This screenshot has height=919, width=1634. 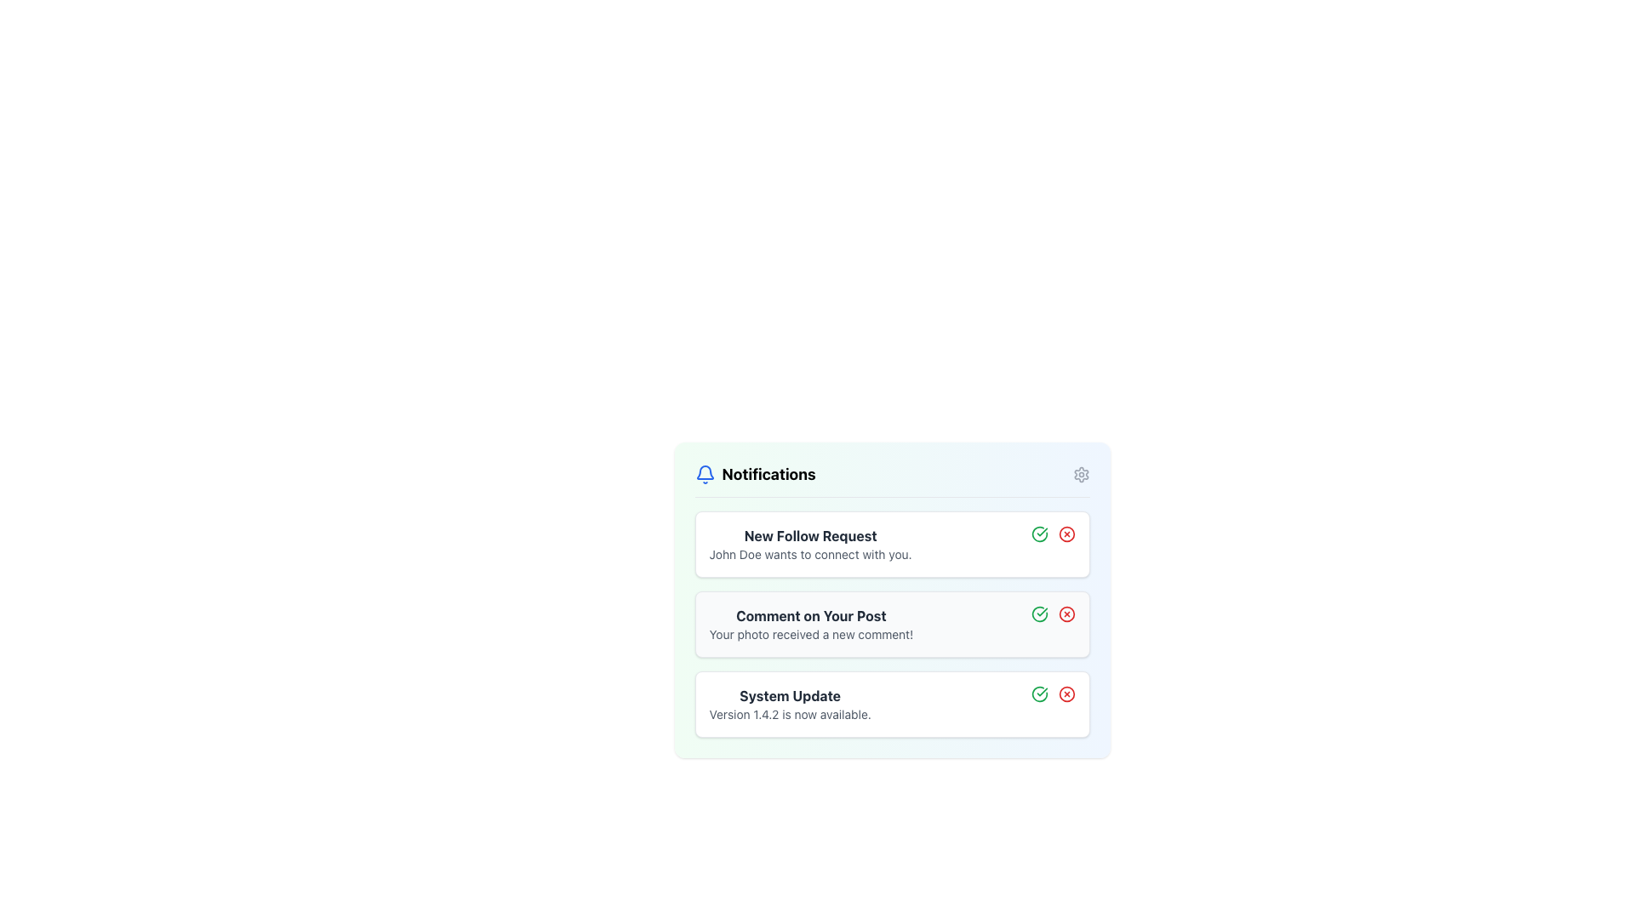 What do you see at coordinates (891, 705) in the screenshot?
I see `the third notification card in the Notifications list to acknowledge the new system update notification (Version 1.4.2)` at bounding box center [891, 705].